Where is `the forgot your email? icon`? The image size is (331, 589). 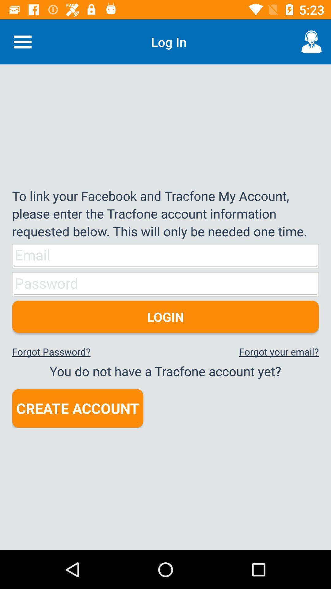
the forgot your email? icon is located at coordinates (279, 352).